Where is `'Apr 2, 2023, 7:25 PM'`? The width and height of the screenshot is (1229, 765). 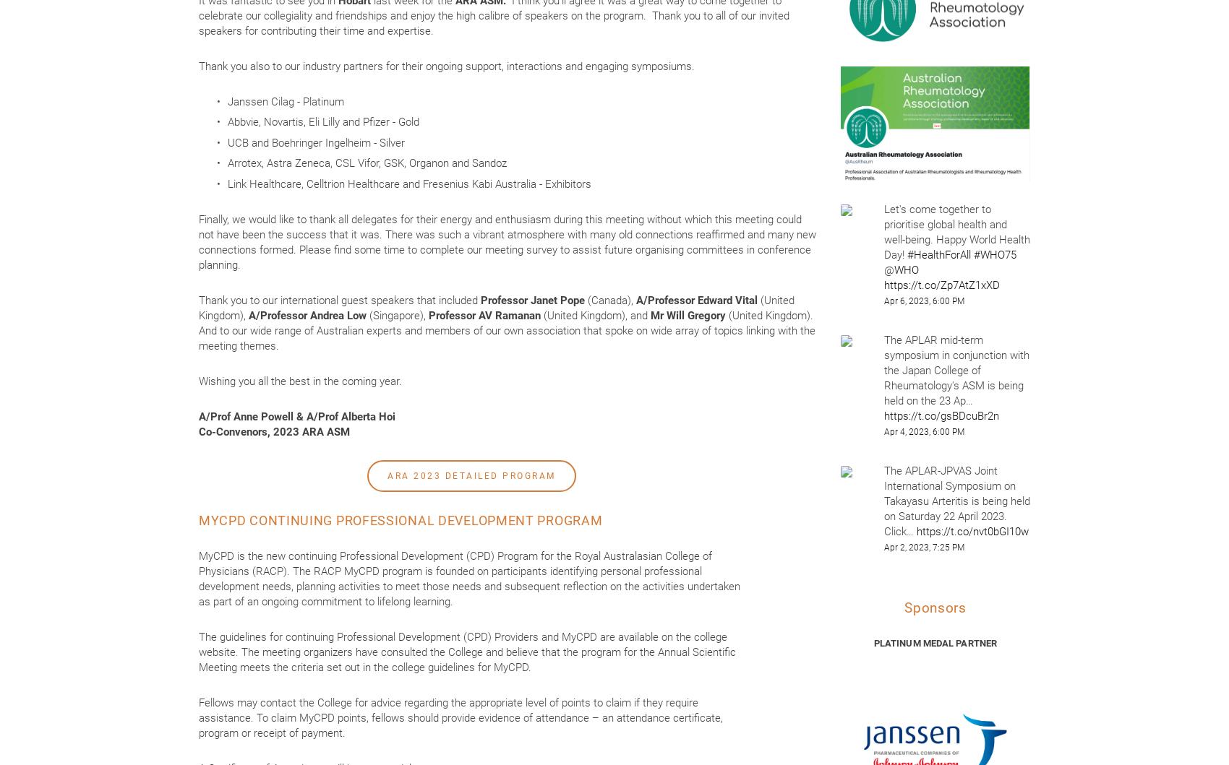
'Apr 2, 2023, 7:25 PM' is located at coordinates (924, 547).